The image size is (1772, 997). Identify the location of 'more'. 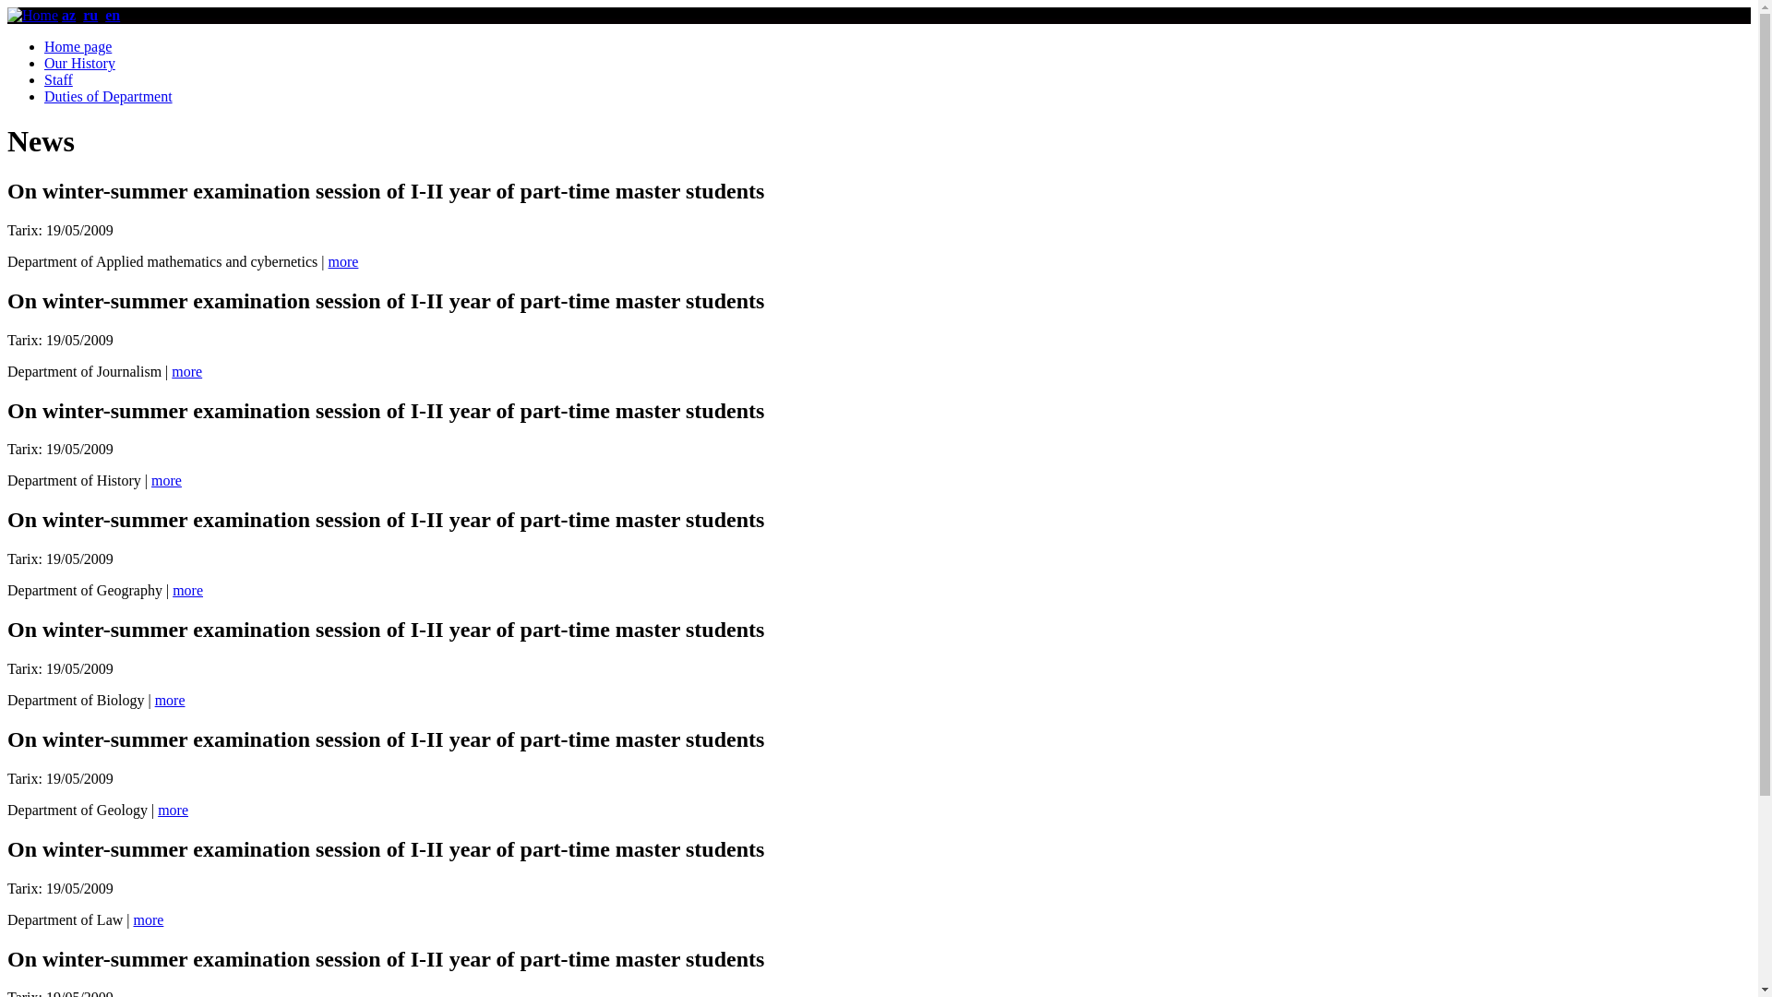
(187, 590).